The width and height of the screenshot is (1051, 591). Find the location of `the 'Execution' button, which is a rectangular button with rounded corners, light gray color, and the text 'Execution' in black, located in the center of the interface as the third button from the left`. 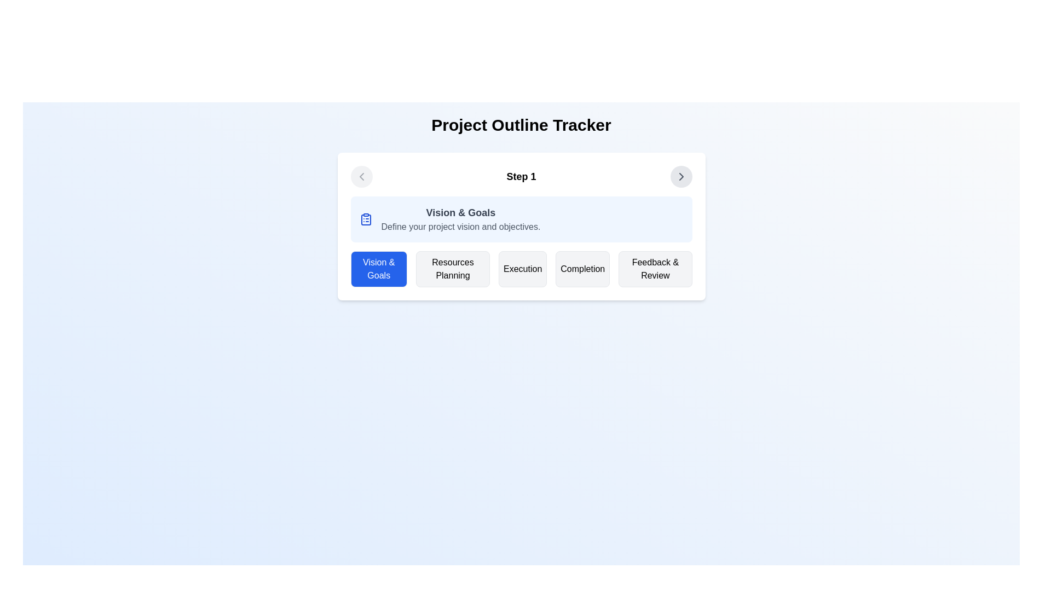

the 'Execution' button, which is a rectangular button with rounded corners, light gray color, and the text 'Execution' in black, located in the center of the interface as the third button from the left is located at coordinates (522, 269).